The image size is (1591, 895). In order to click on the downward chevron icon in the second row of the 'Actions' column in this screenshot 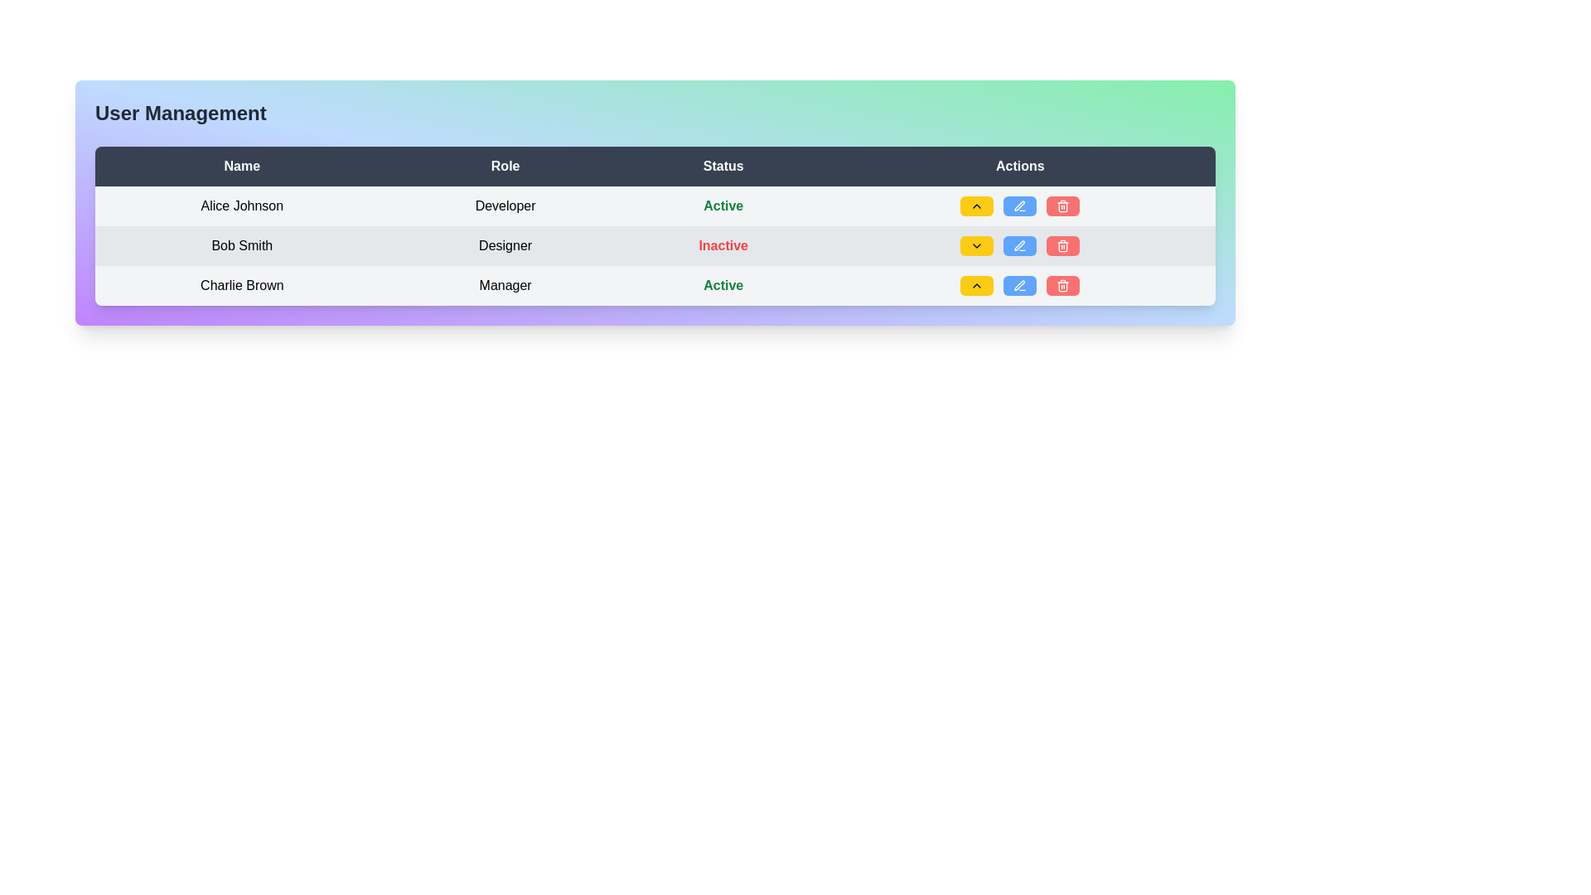, I will do `click(977, 246)`.